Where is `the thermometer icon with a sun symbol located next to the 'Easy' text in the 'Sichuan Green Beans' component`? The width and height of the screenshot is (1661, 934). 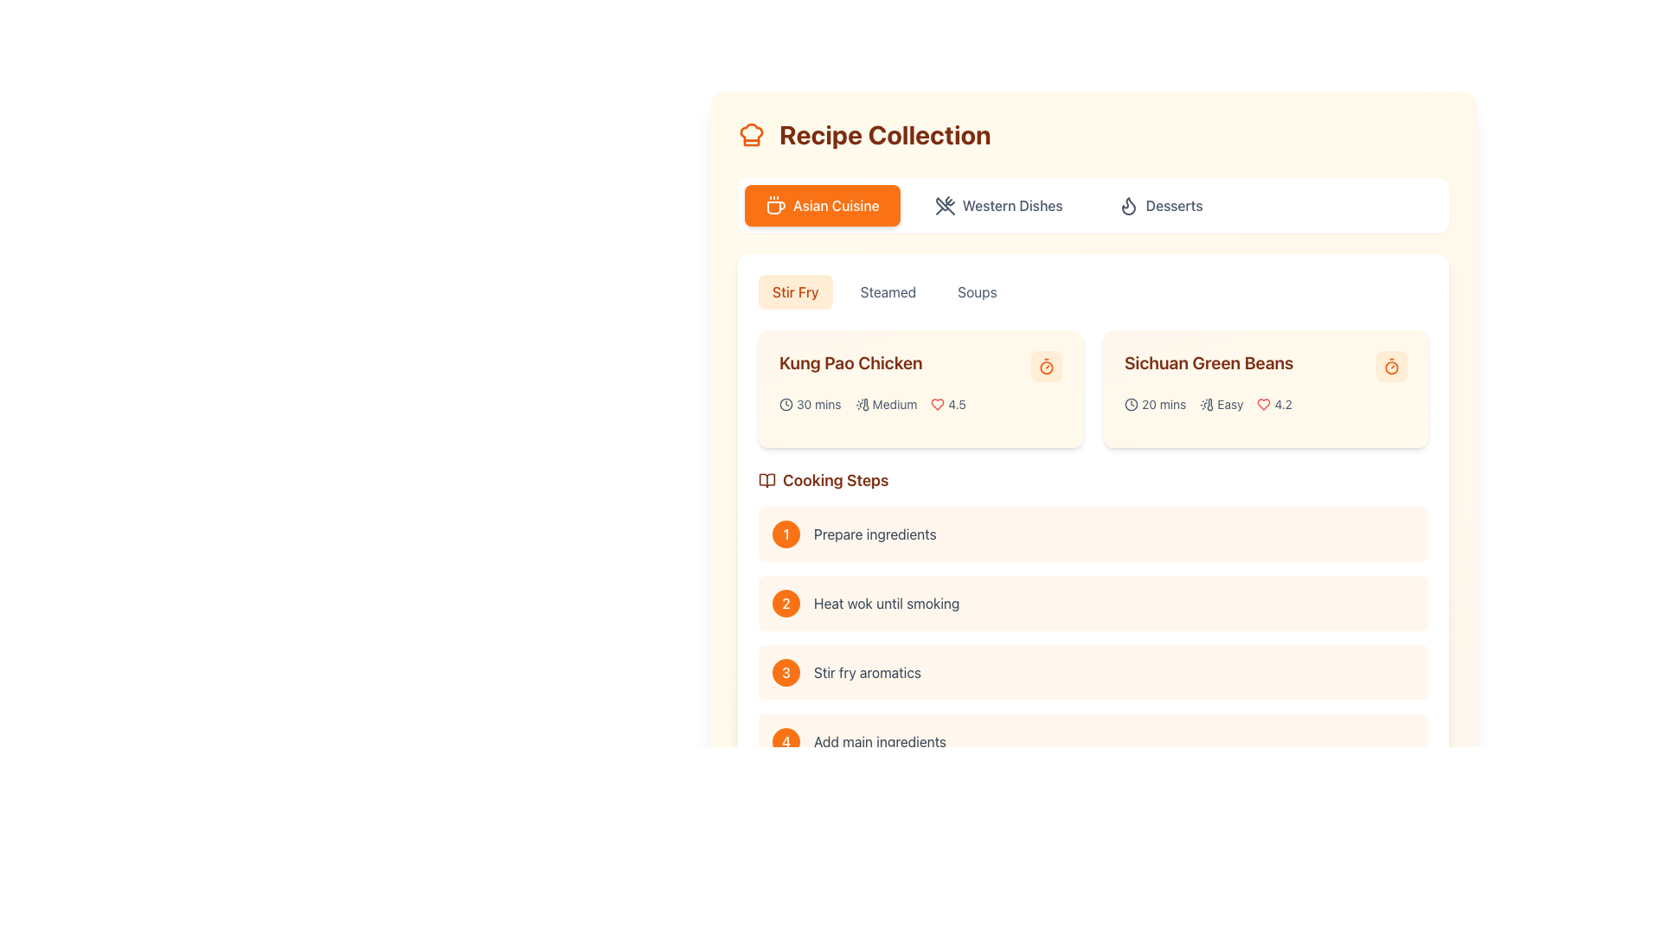
the thermometer icon with a sun symbol located next to the 'Easy' text in the 'Sichuan Green Beans' component is located at coordinates (1206, 404).